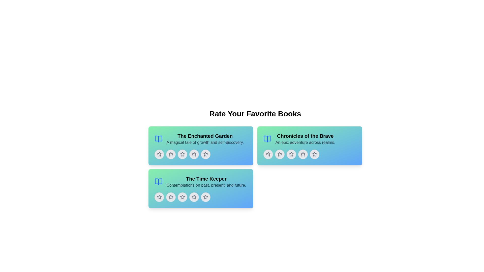 This screenshot has width=484, height=272. I want to click on the book icon representing 'The Time Keeper' card, located in the bottom row, to the left of the title and above the star icons, so click(158, 182).